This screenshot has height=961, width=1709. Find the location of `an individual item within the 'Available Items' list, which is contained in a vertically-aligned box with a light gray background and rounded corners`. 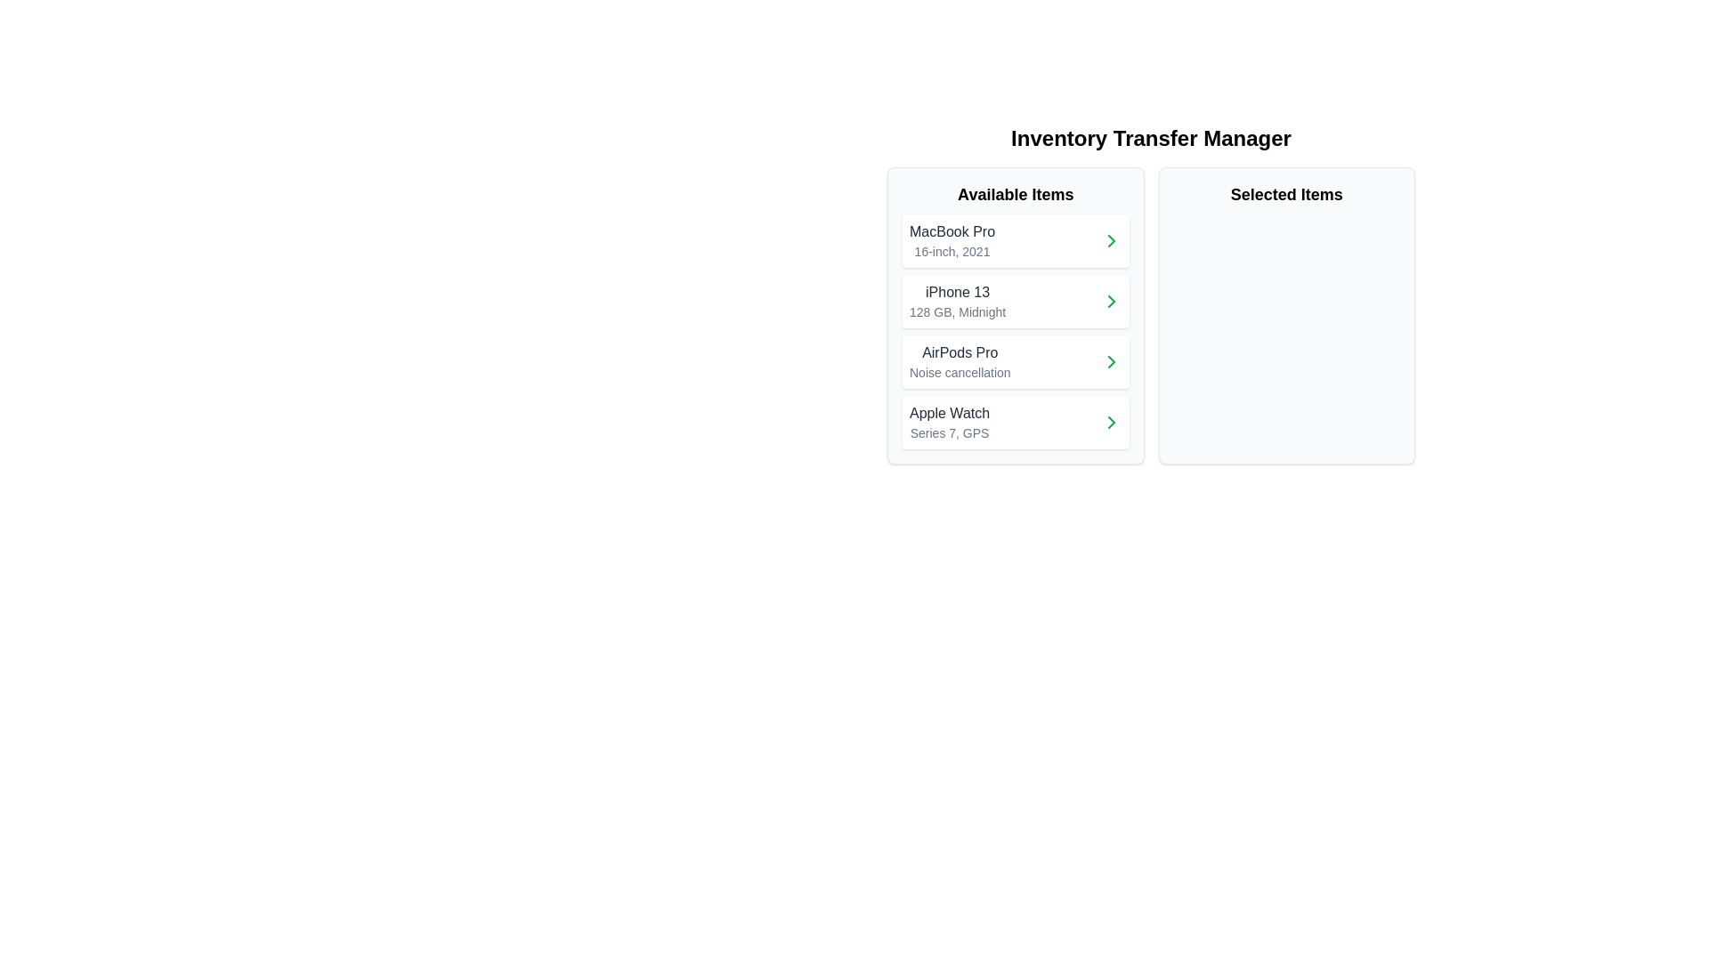

an individual item within the 'Available Items' list, which is contained in a vertically-aligned box with a light gray background and rounded corners is located at coordinates (1016, 314).